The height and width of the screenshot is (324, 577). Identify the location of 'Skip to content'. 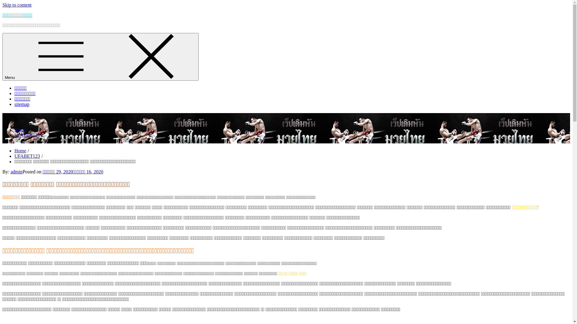
(17, 5).